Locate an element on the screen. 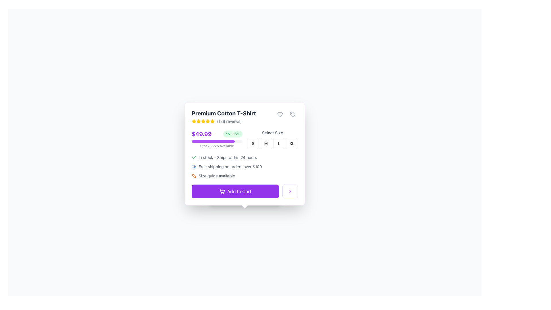  the static informational text displaying 'Free shipping on orders over $100' with a blue delivery truck icon, located in the second position among three rows on the product card is located at coordinates (245, 167).